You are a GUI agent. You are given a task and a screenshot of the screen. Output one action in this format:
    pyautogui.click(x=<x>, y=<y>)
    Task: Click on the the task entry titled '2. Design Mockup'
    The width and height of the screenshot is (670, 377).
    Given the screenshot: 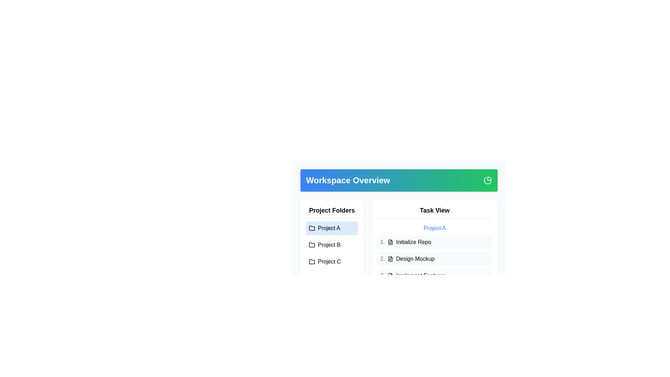 What is the action you would take?
    pyautogui.click(x=434, y=259)
    